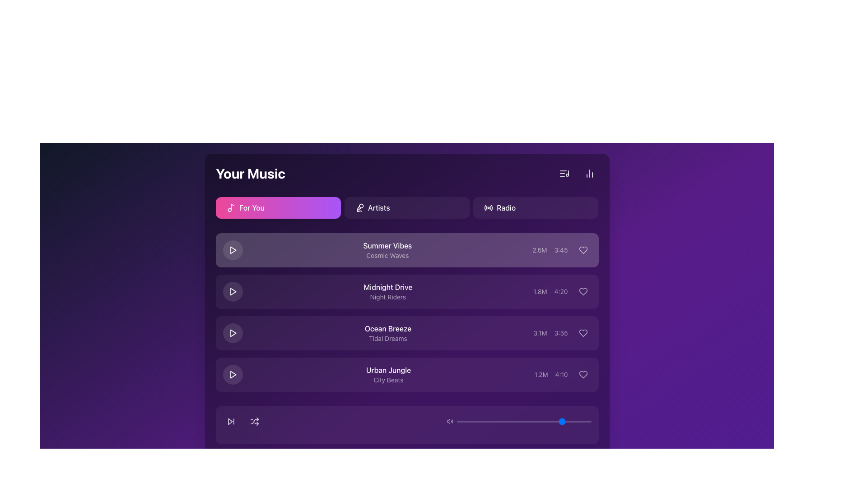  Describe the element at coordinates (536, 208) in the screenshot. I see `the navigation button located in the upper-right corner of the button group` at that location.